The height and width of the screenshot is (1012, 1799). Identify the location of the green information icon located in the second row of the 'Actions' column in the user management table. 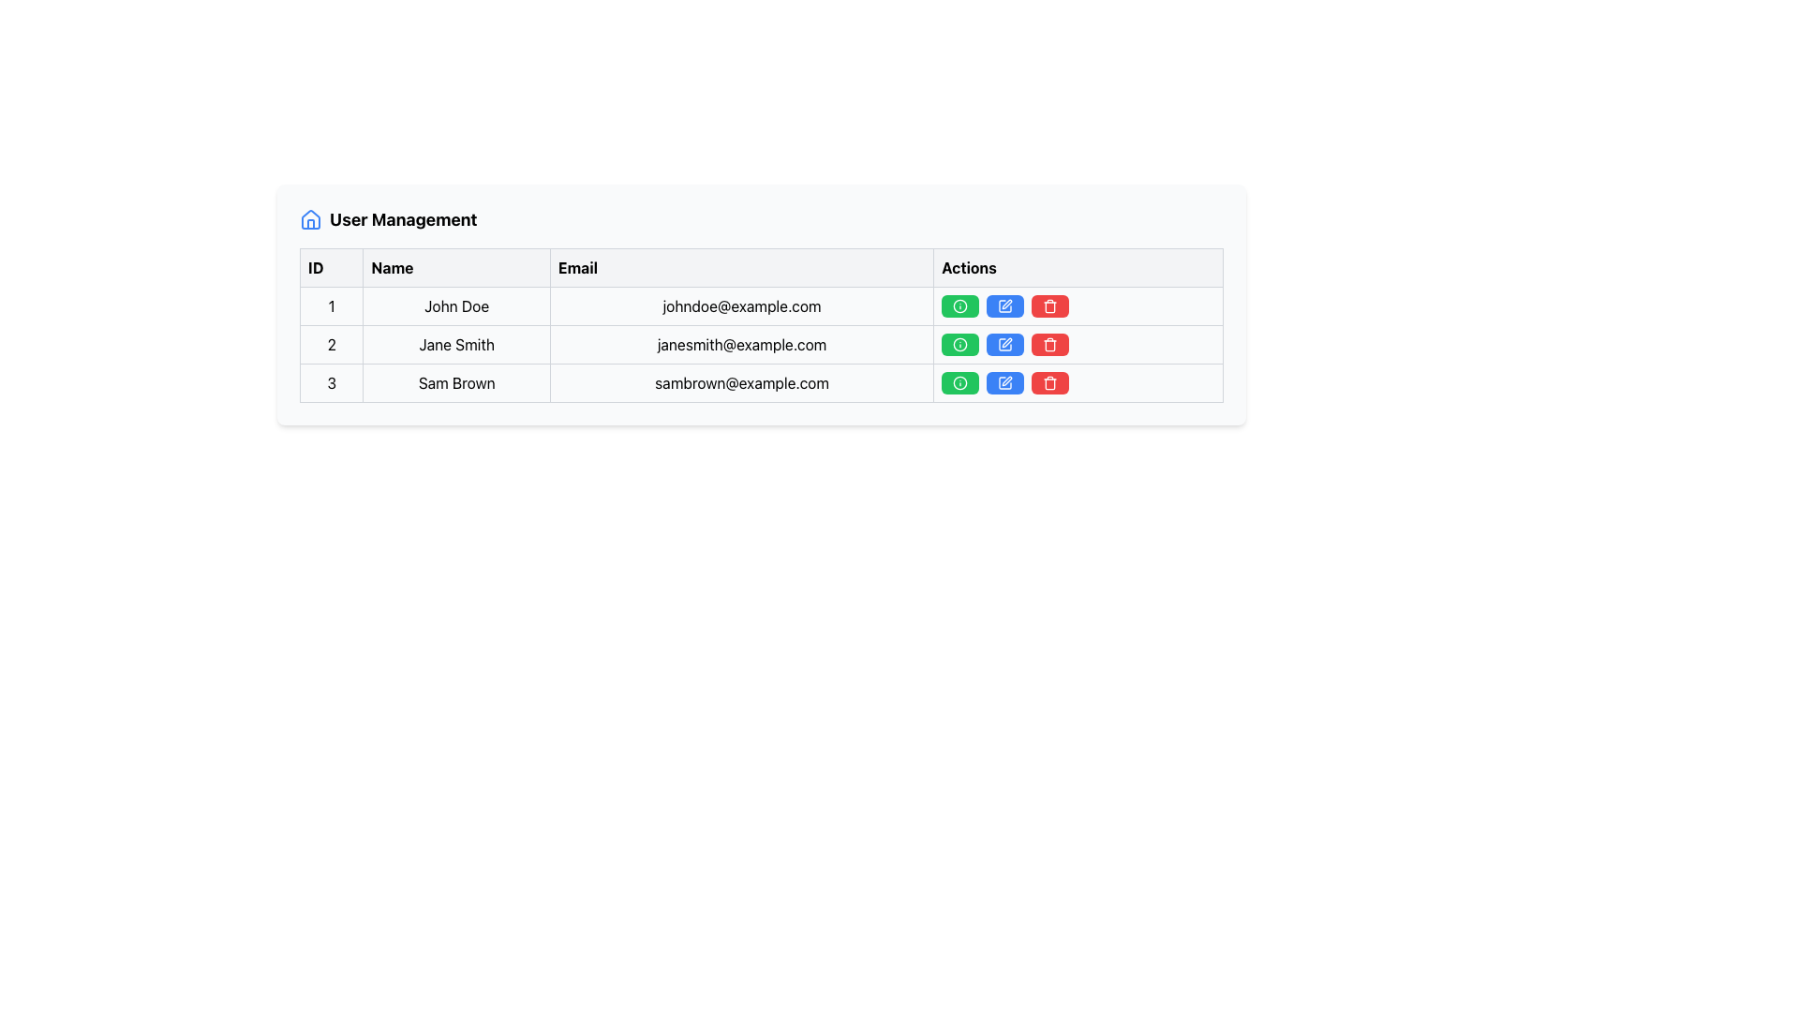
(960, 344).